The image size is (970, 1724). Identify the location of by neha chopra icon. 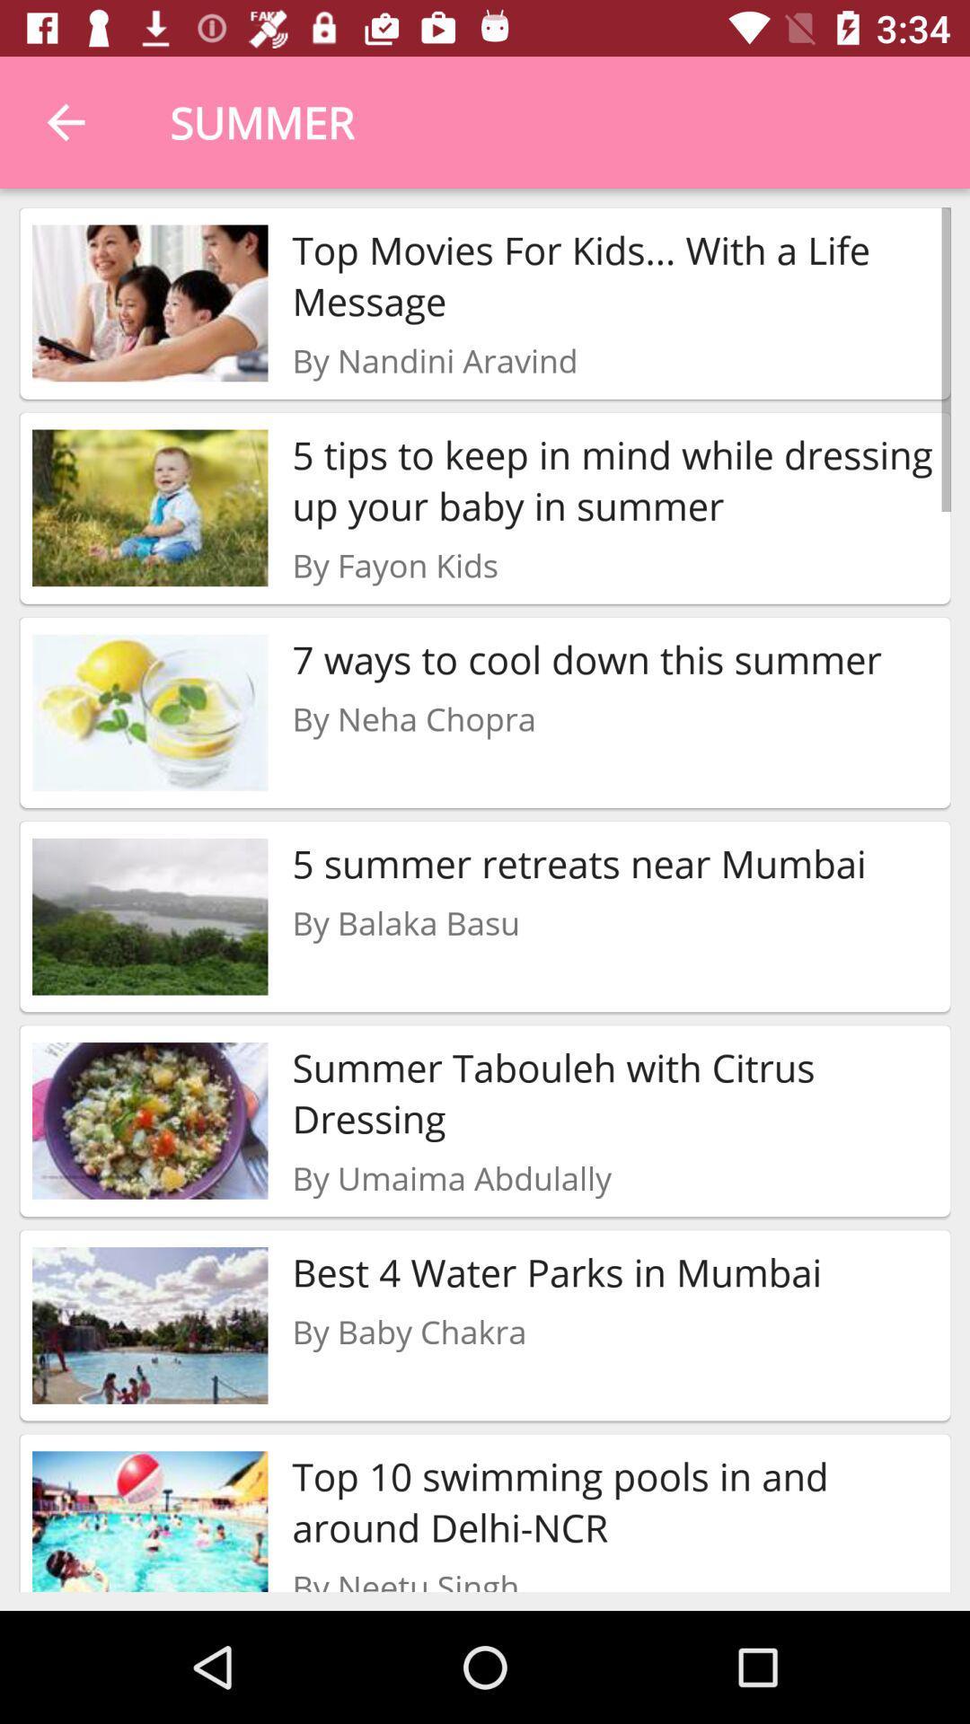
(414, 718).